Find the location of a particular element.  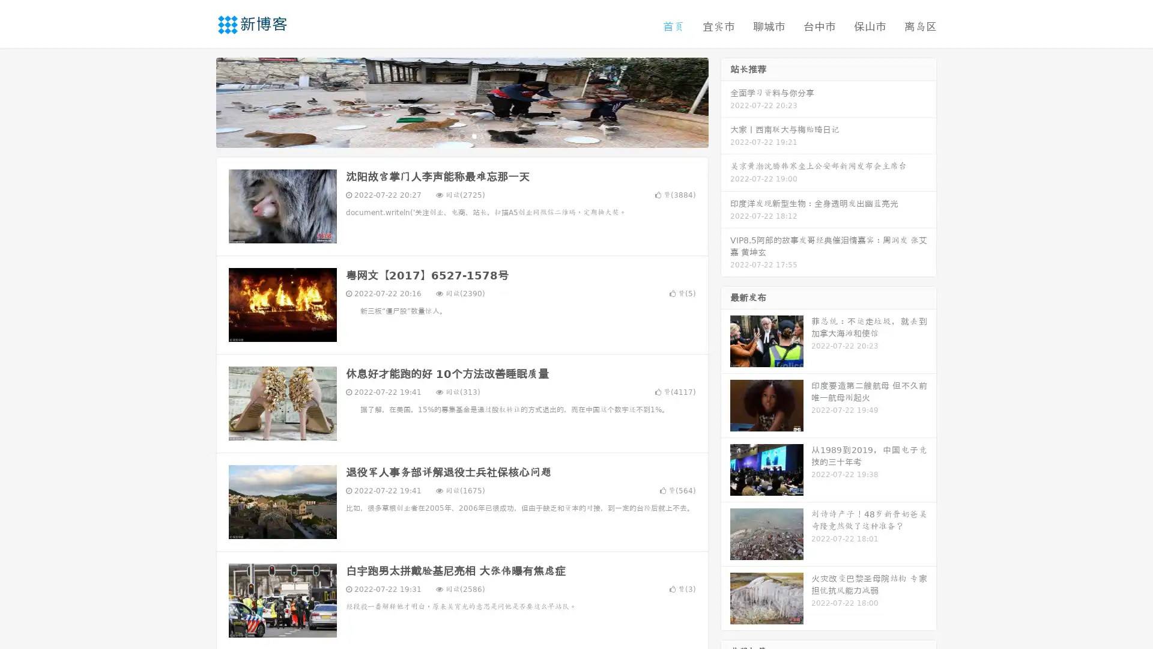

Go to slide 3 is located at coordinates (474, 135).